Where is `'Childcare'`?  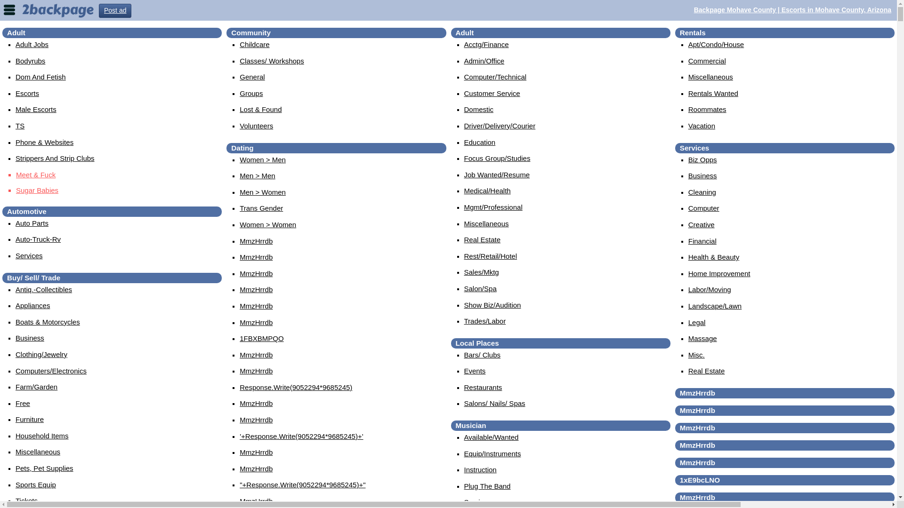 'Childcare' is located at coordinates (254, 44).